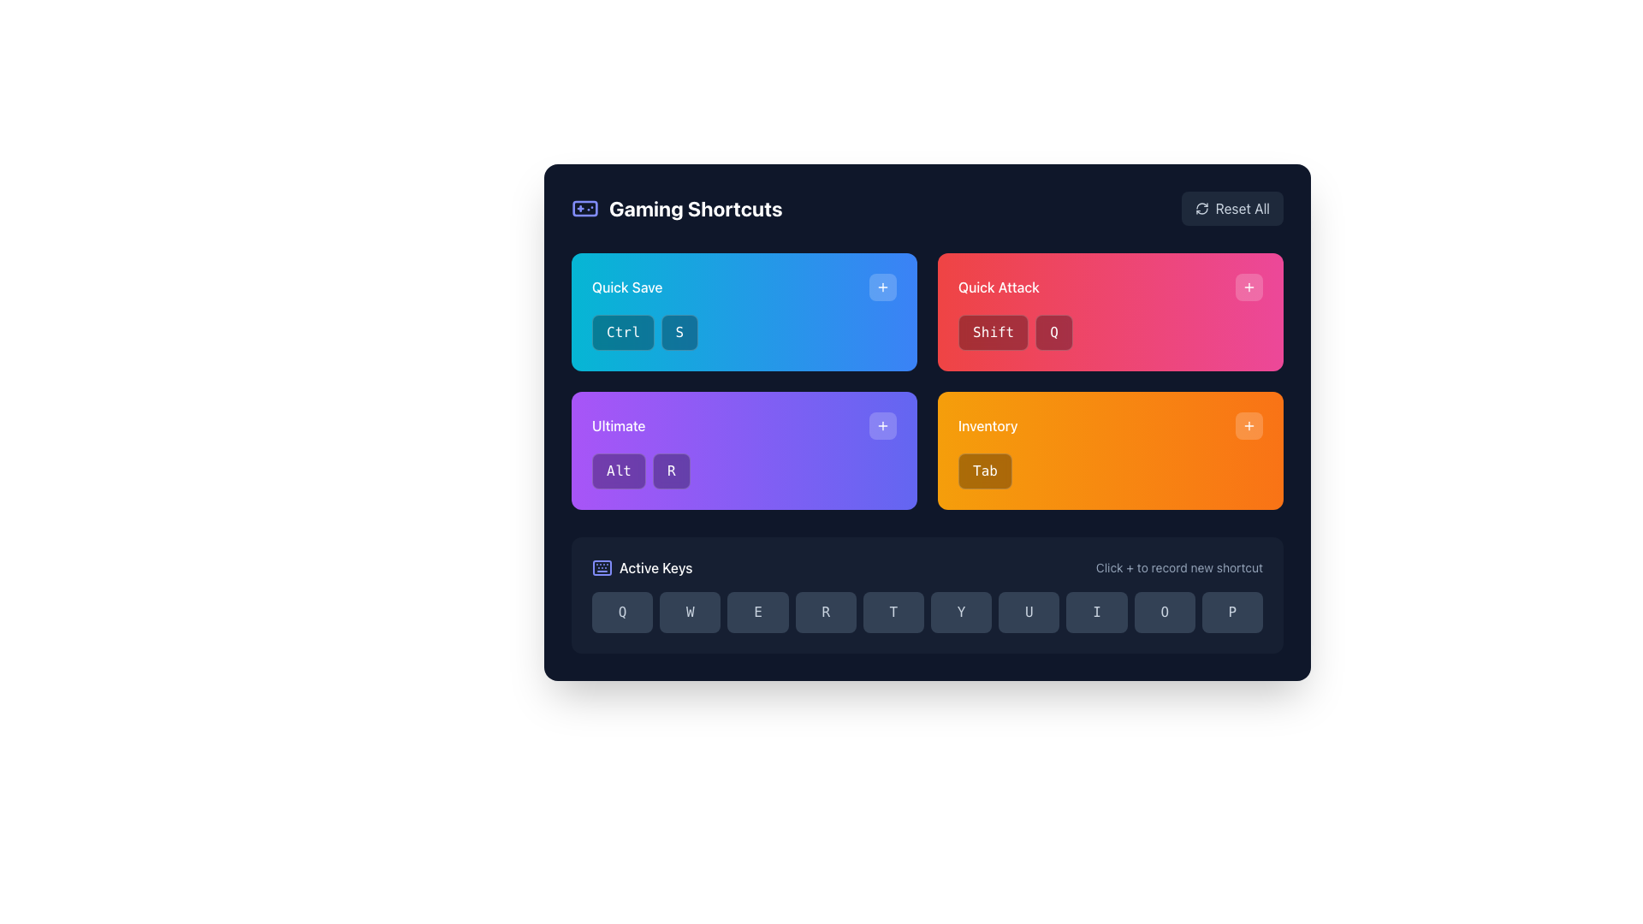 The image size is (1643, 924). What do you see at coordinates (690, 612) in the screenshot?
I see `the 'W' button located in the lower portion of the interface, which is positioned between the 'Q' and 'E' buttons` at bounding box center [690, 612].